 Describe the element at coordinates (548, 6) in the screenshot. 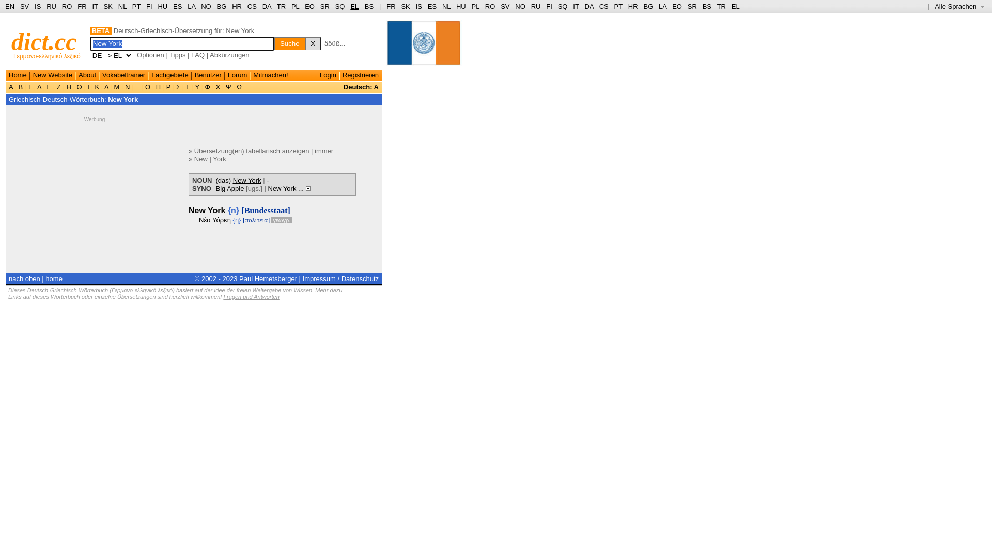

I see `'FI'` at that location.